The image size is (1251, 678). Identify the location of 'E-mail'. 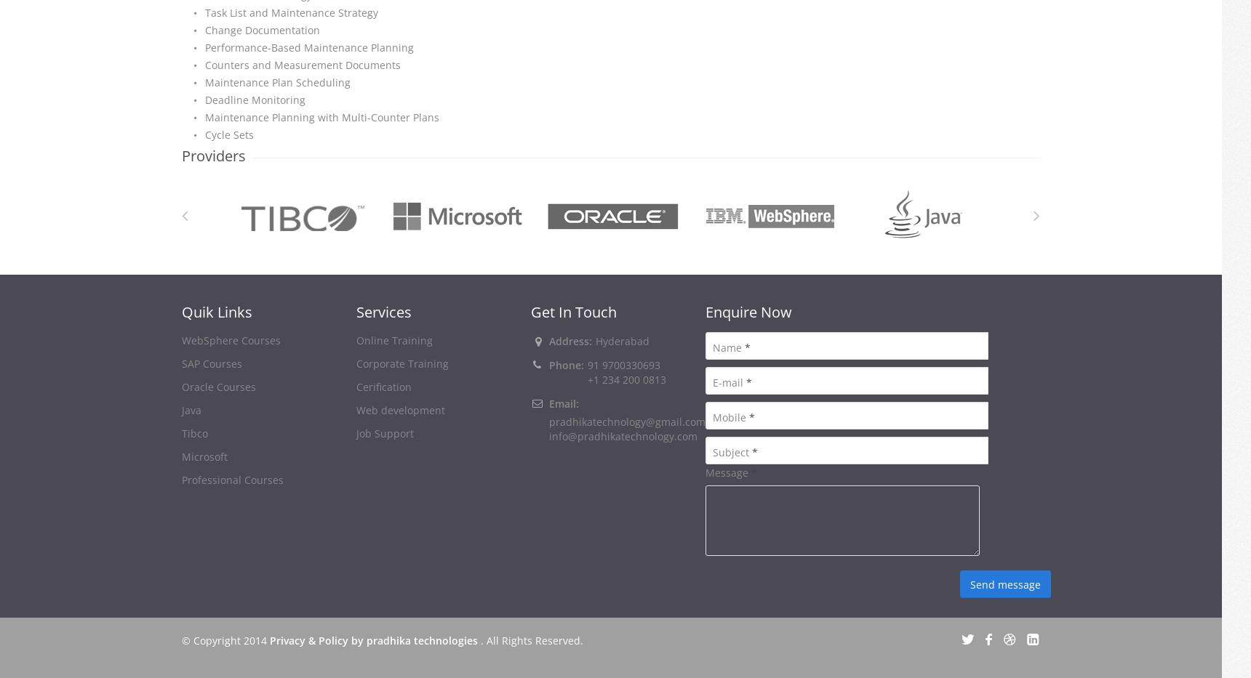
(729, 382).